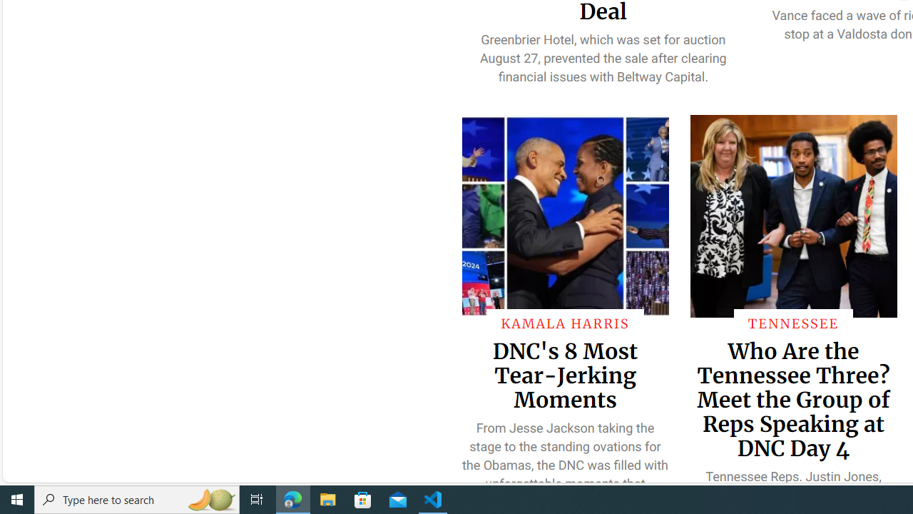 The image size is (913, 514). What do you see at coordinates (363, 498) in the screenshot?
I see `'Microsoft Store'` at bounding box center [363, 498].